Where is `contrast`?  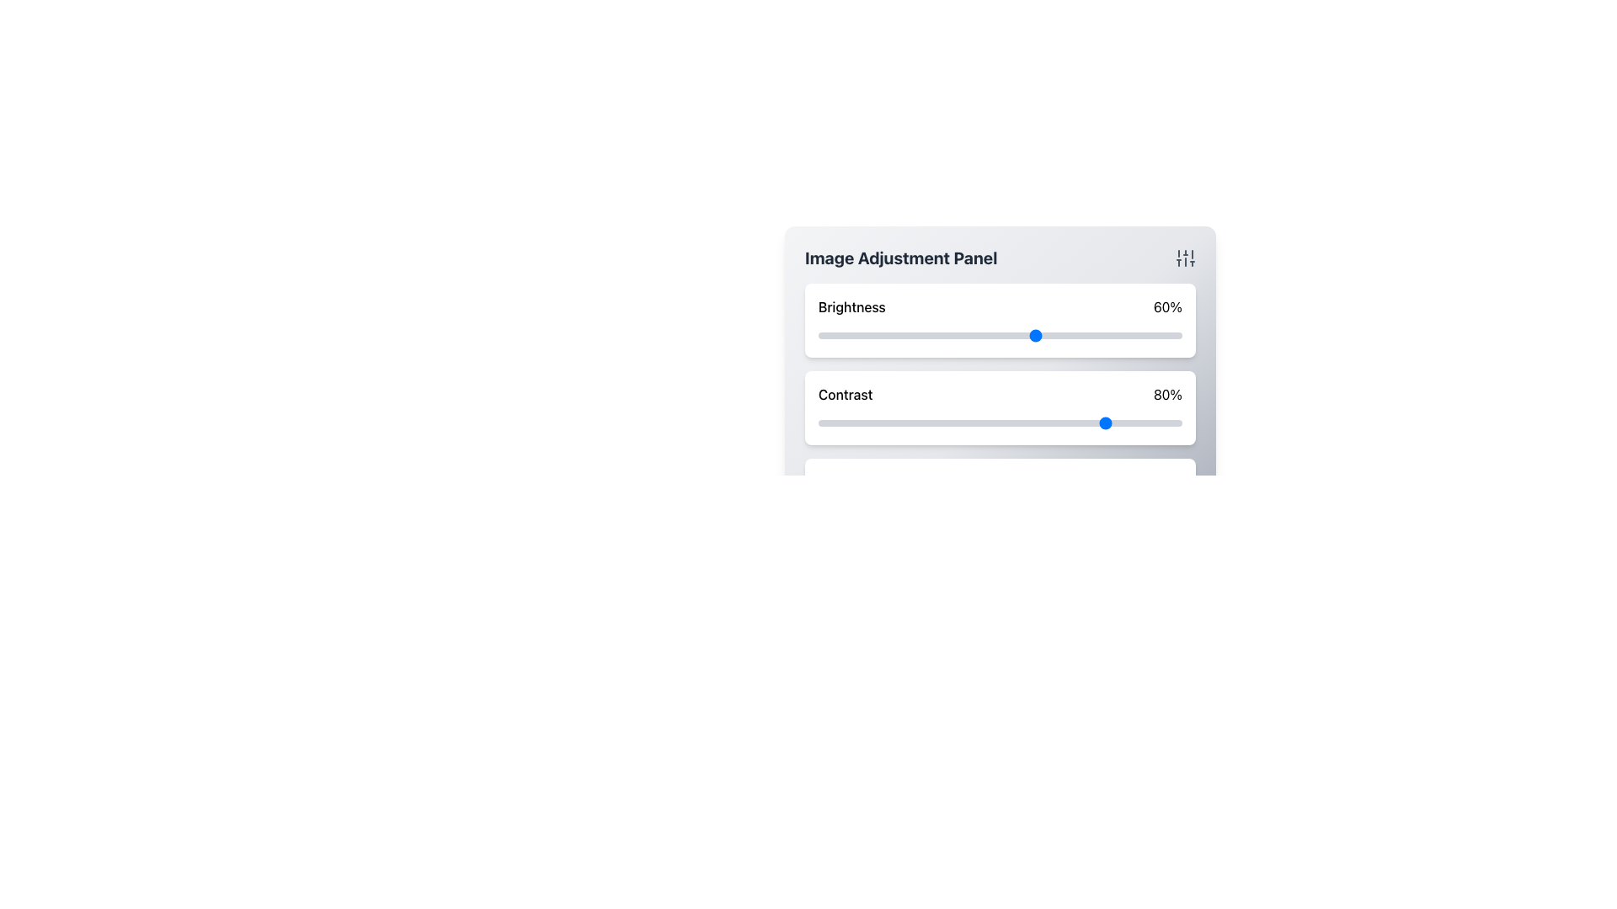
contrast is located at coordinates (1120, 422).